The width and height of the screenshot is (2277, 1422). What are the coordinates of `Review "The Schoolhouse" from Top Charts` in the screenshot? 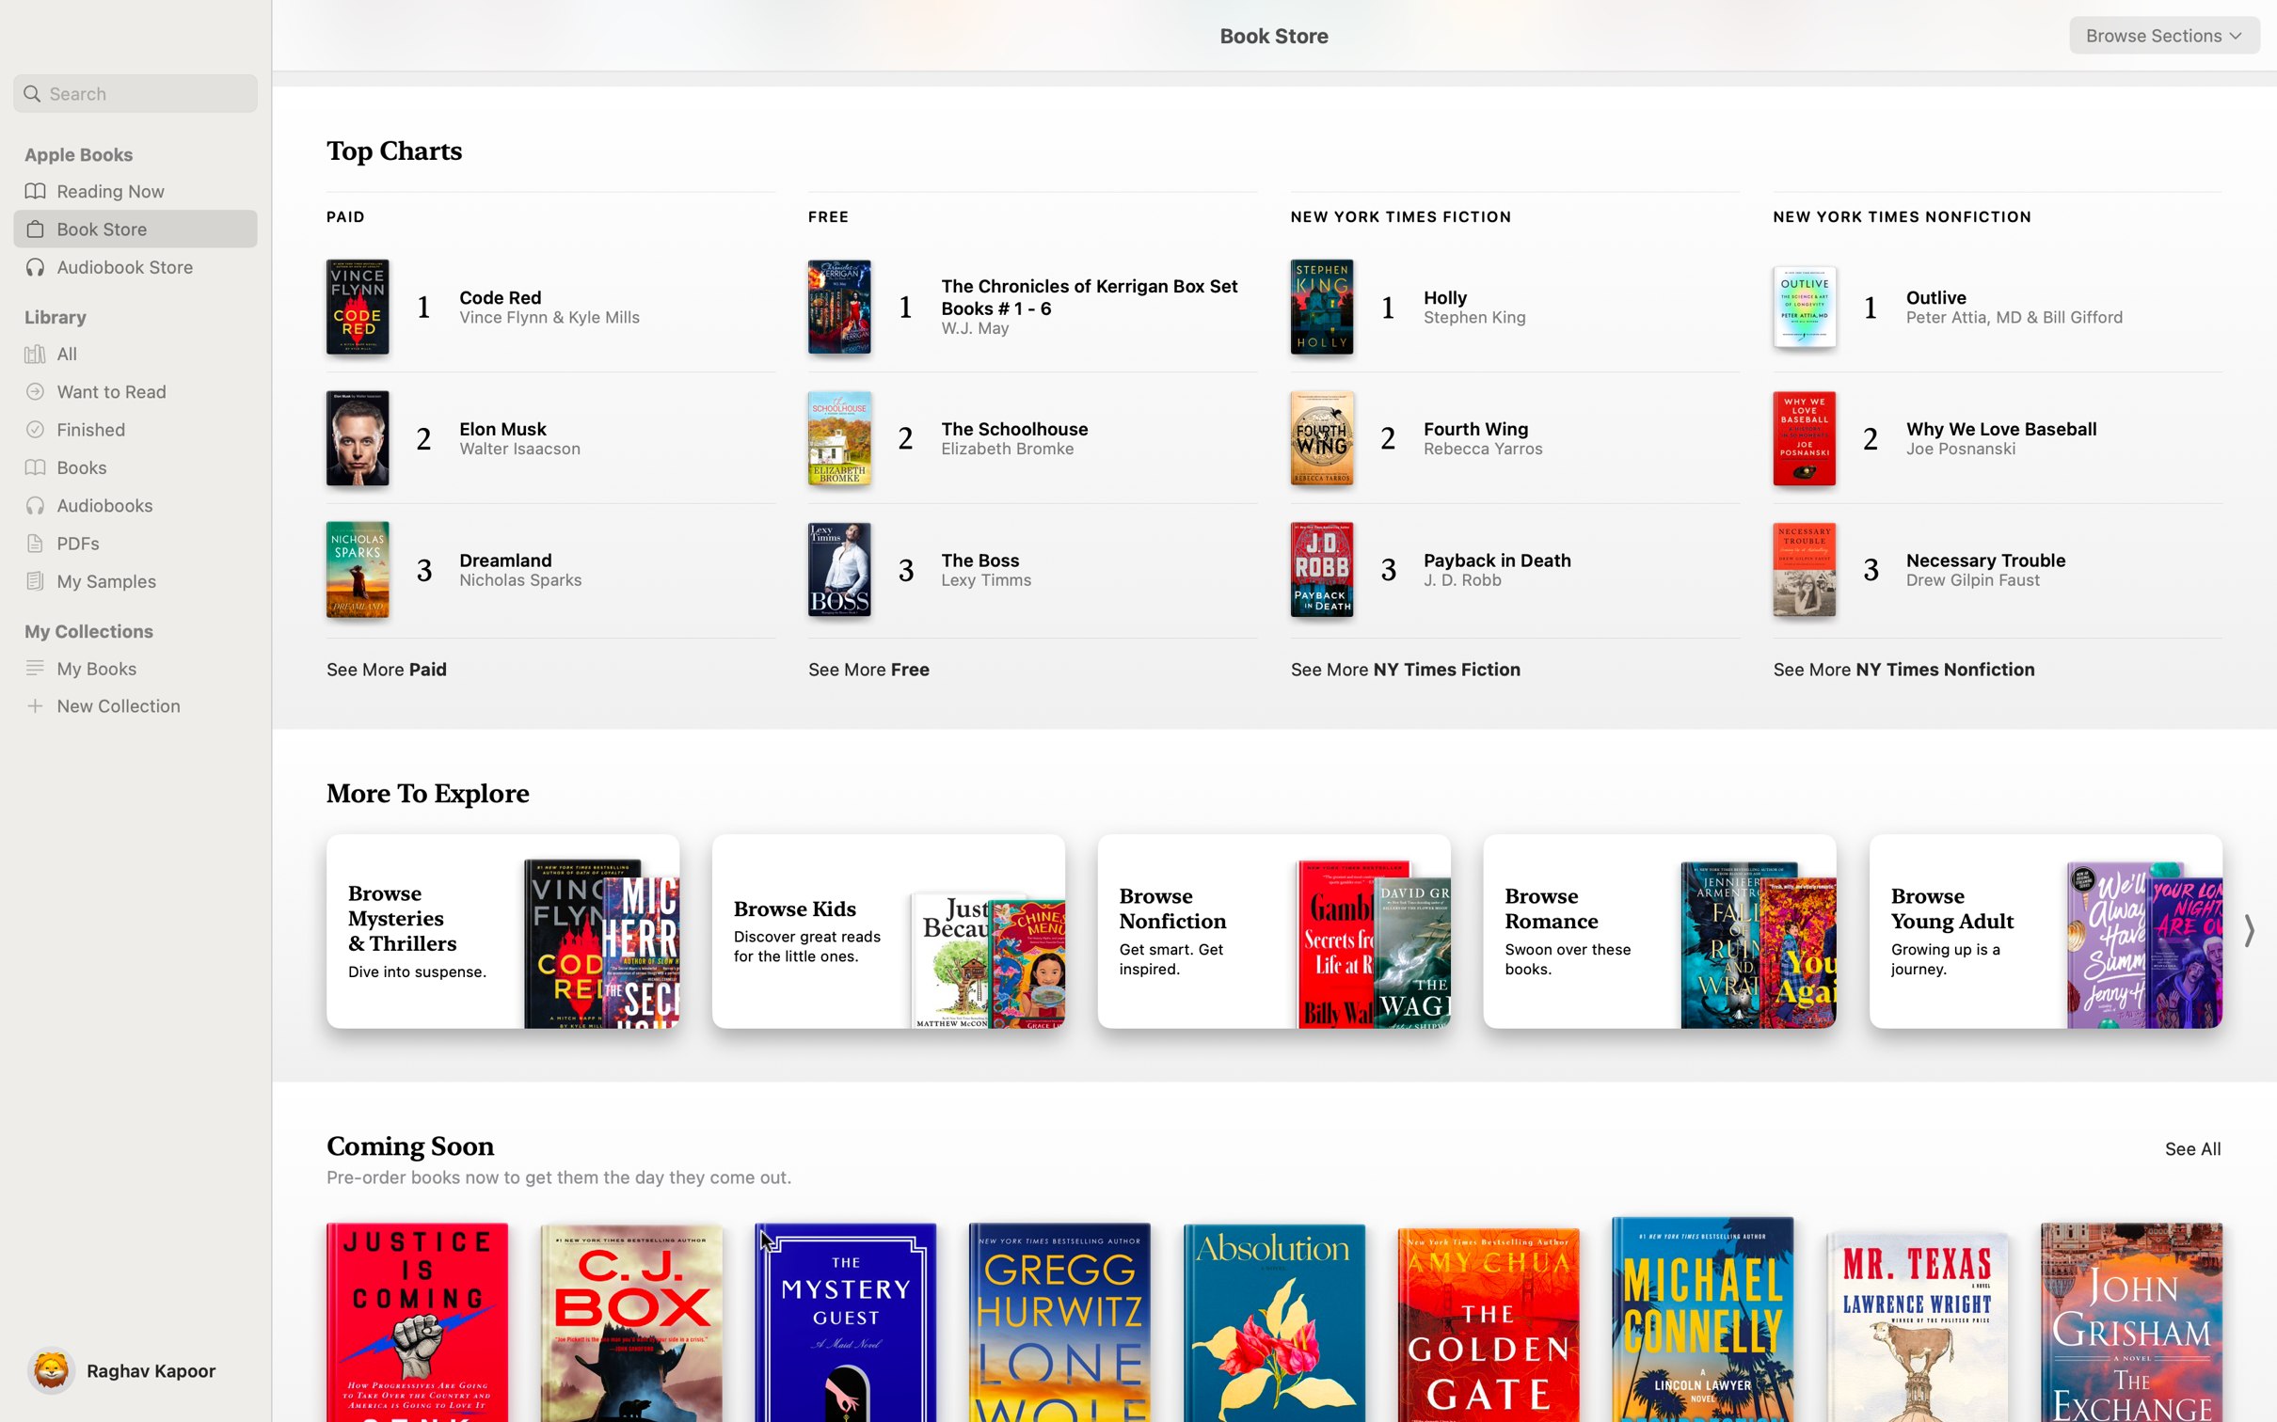 It's located at (1010, 434).